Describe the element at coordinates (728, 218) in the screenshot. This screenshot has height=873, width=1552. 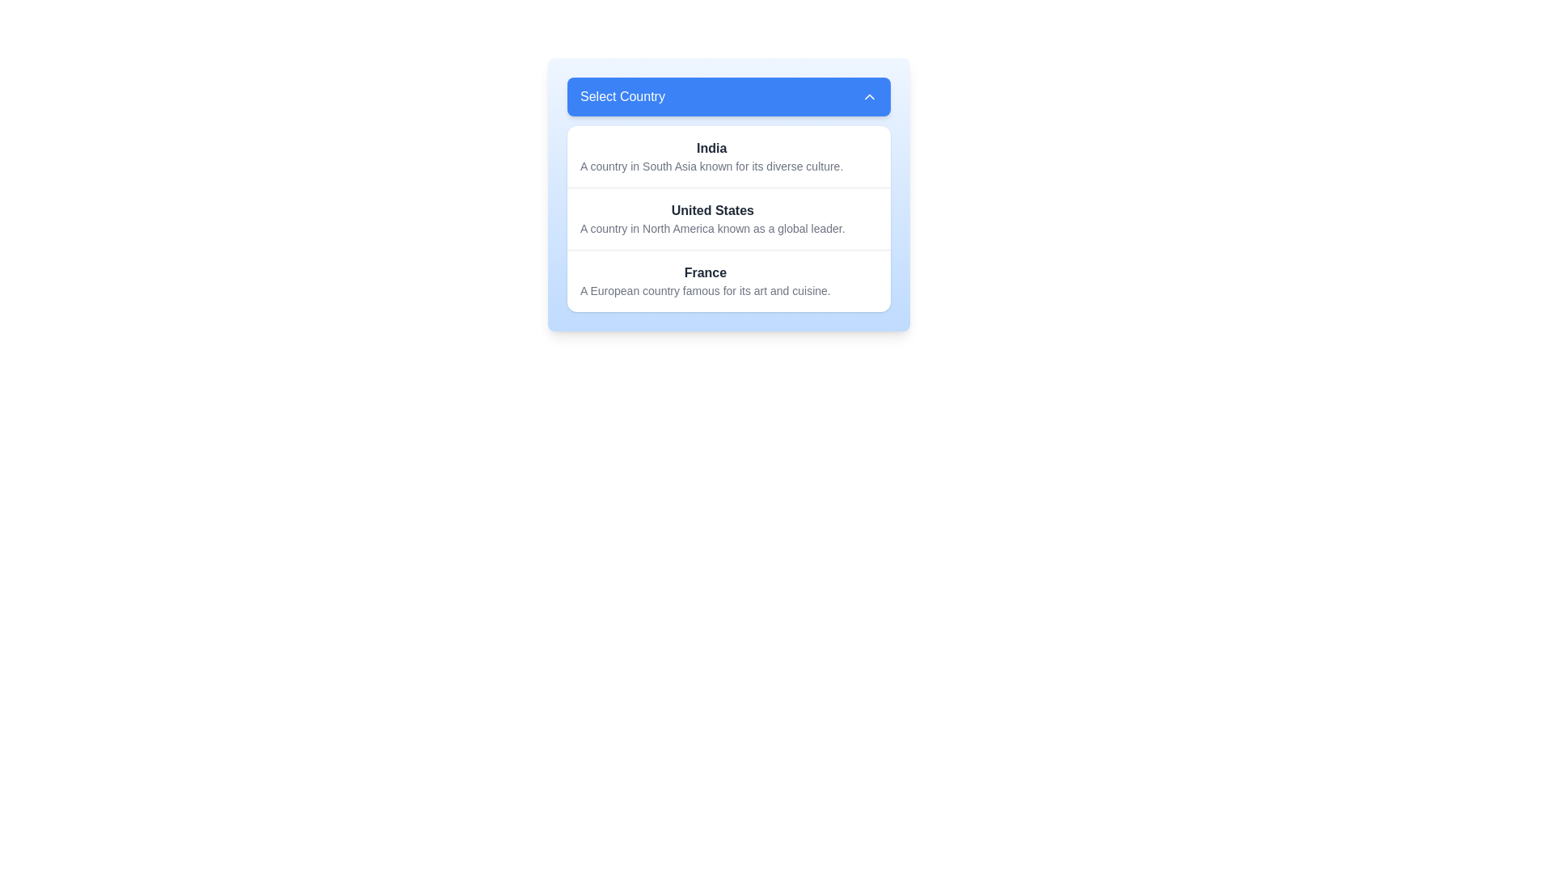
I see `the dropdown list item labeled 'United States', which is the second element in the list` at that location.